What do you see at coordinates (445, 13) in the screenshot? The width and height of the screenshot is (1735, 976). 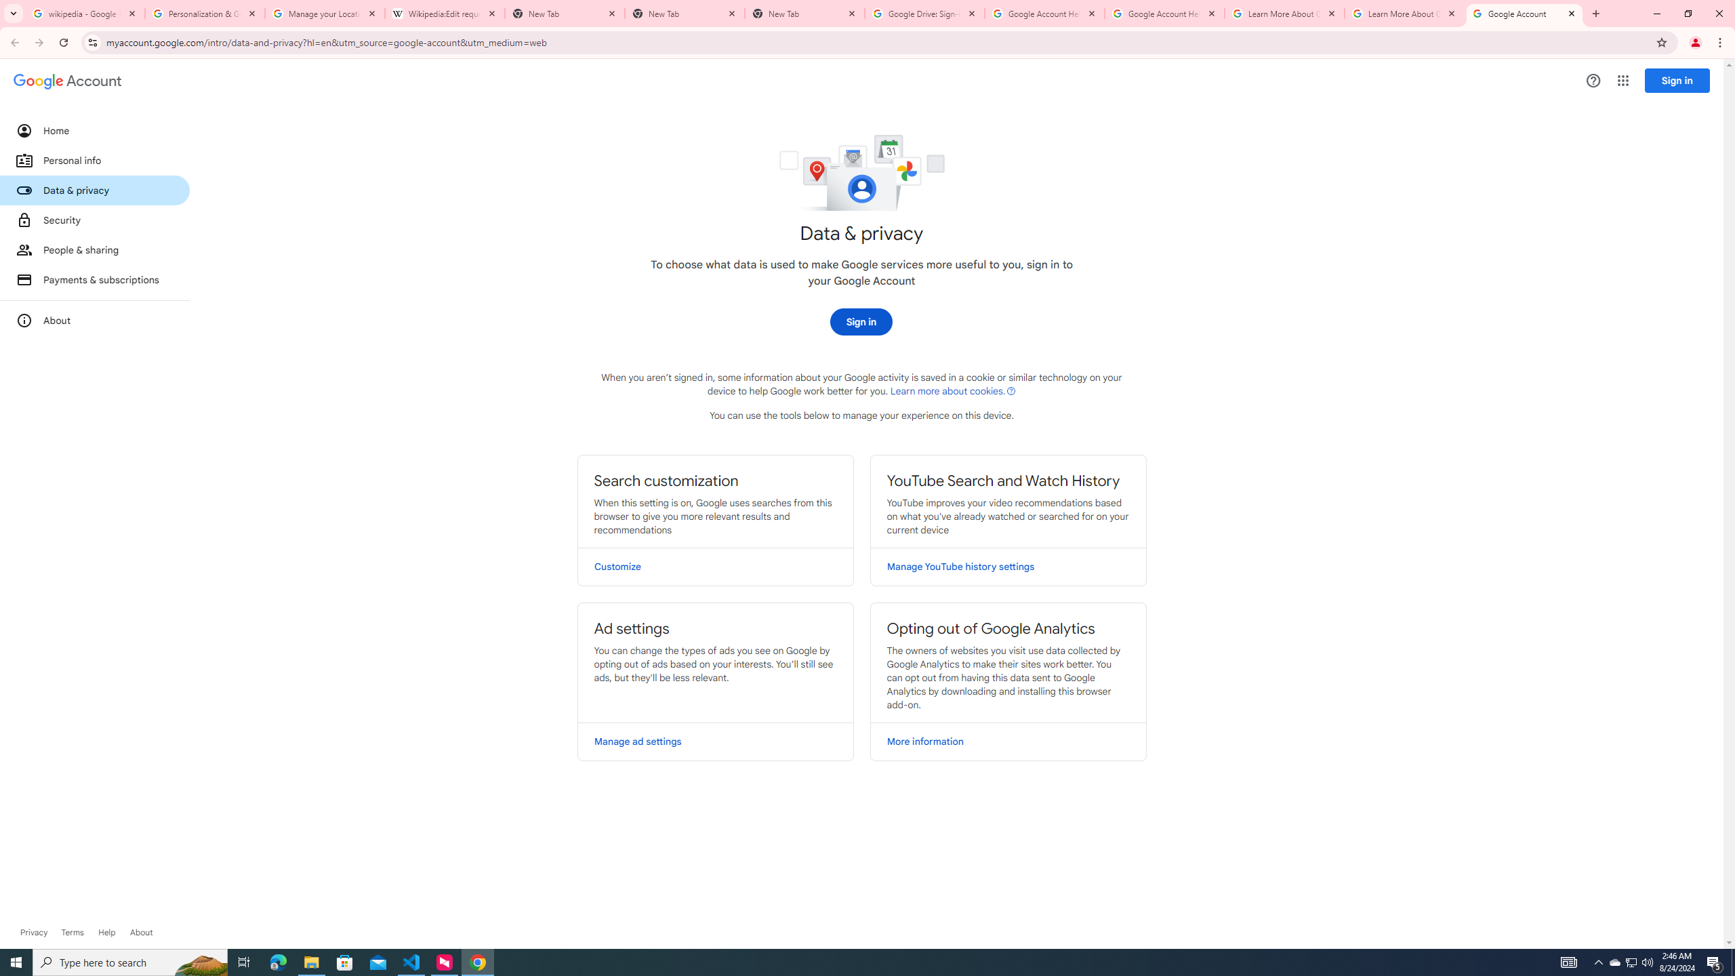 I see `'Wikipedia:Edit requests - Wikipedia'` at bounding box center [445, 13].